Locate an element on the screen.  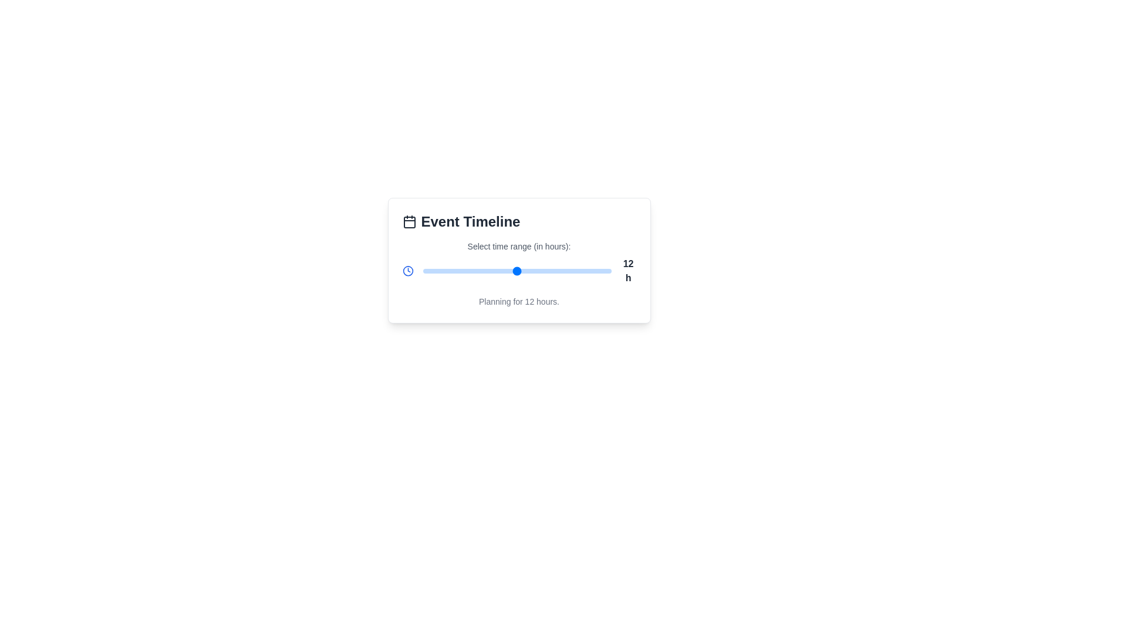
the timeline duration is located at coordinates (423, 271).